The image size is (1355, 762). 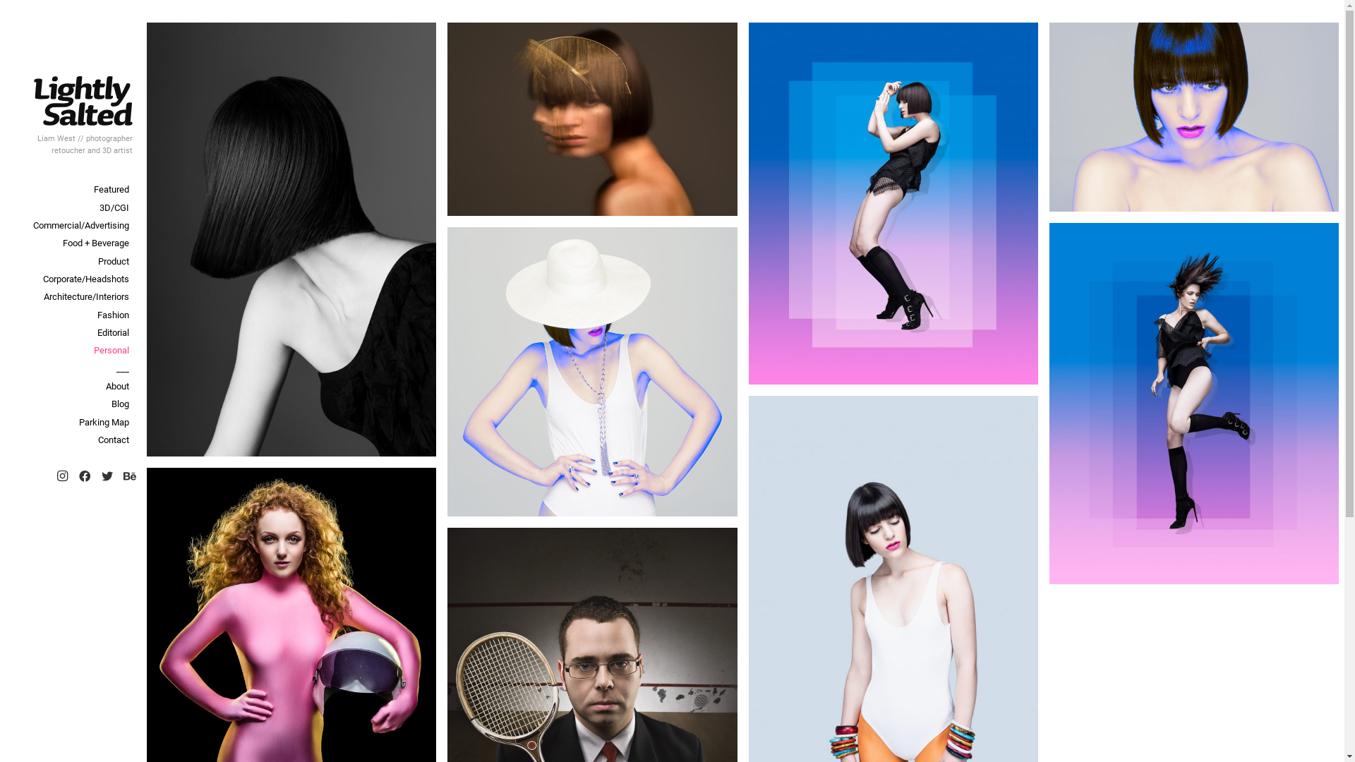 What do you see at coordinates (70, 314) in the screenshot?
I see `'Fashion'` at bounding box center [70, 314].